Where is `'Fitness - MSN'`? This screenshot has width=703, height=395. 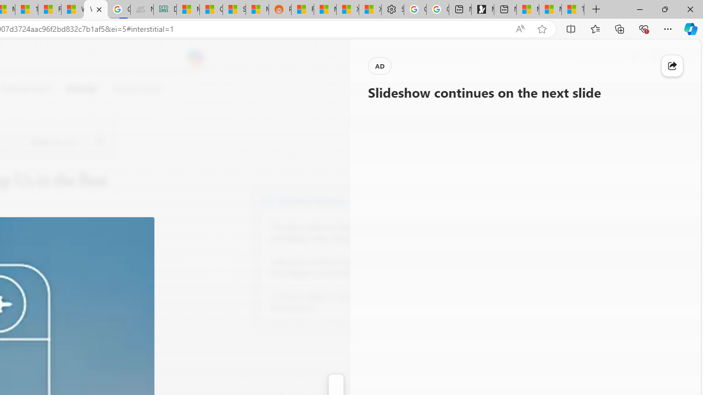 'Fitness - MSN' is located at coordinates (49, 9).